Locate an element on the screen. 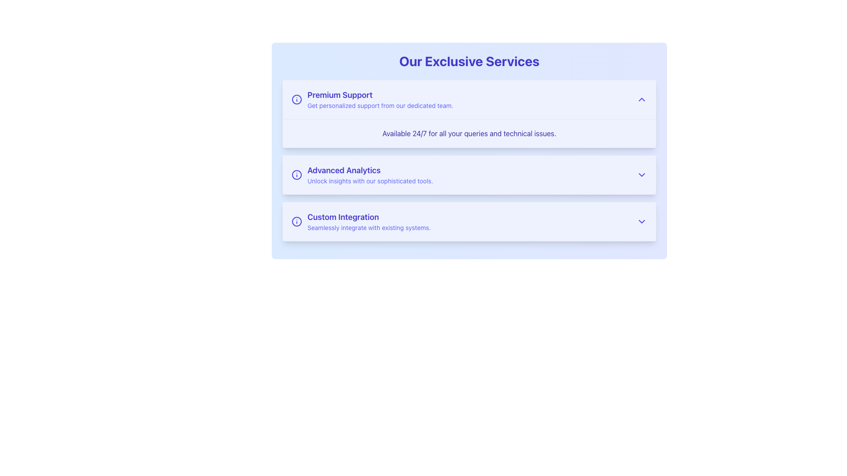 This screenshot has width=847, height=476. the downward-facing chevron icon button for toggling content visibility located at the far right of the 'Custom Integration' section in the 'Our Exclusive Services' interface is located at coordinates (641, 221).